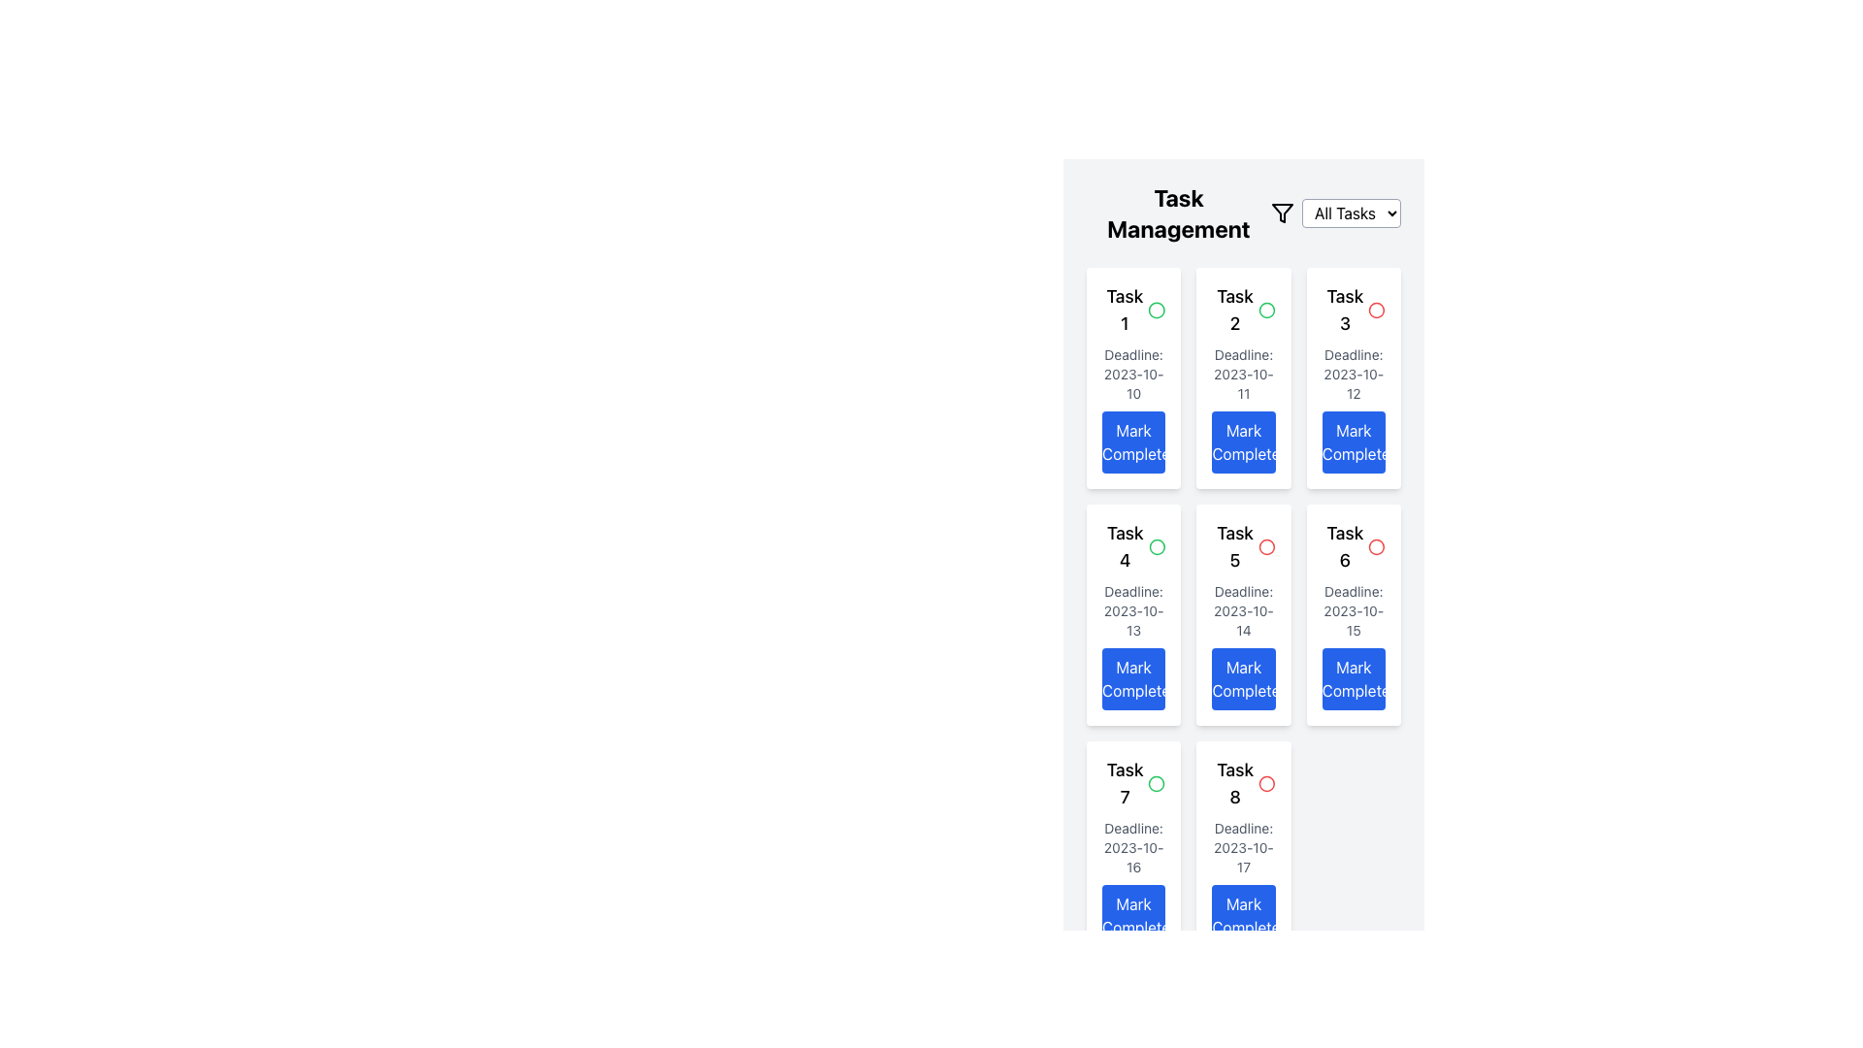 The height and width of the screenshot is (1048, 1863). Describe the element at coordinates (1282, 213) in the screenshot. I see `the filtering icon located near the top-right of the layout` at that location.